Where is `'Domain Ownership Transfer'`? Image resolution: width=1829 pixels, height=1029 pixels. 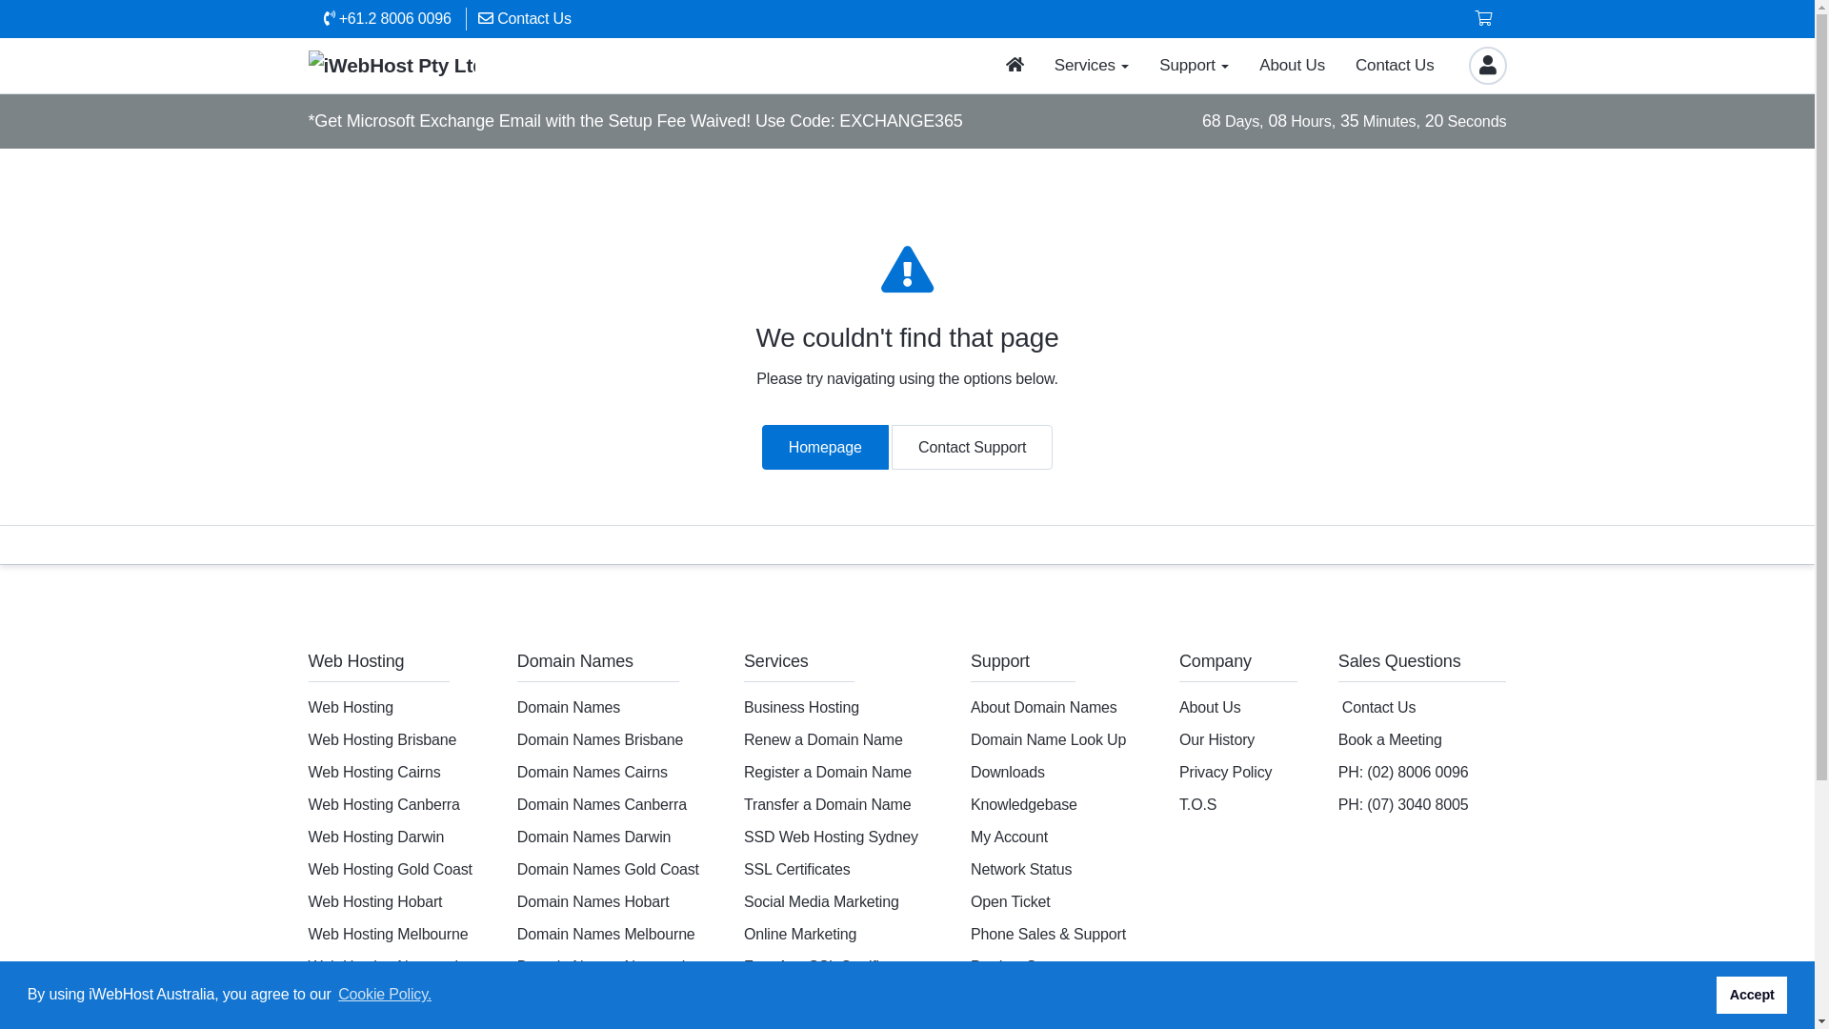 'Domain Ownership Transfer' is located at coordinates (743, 998).